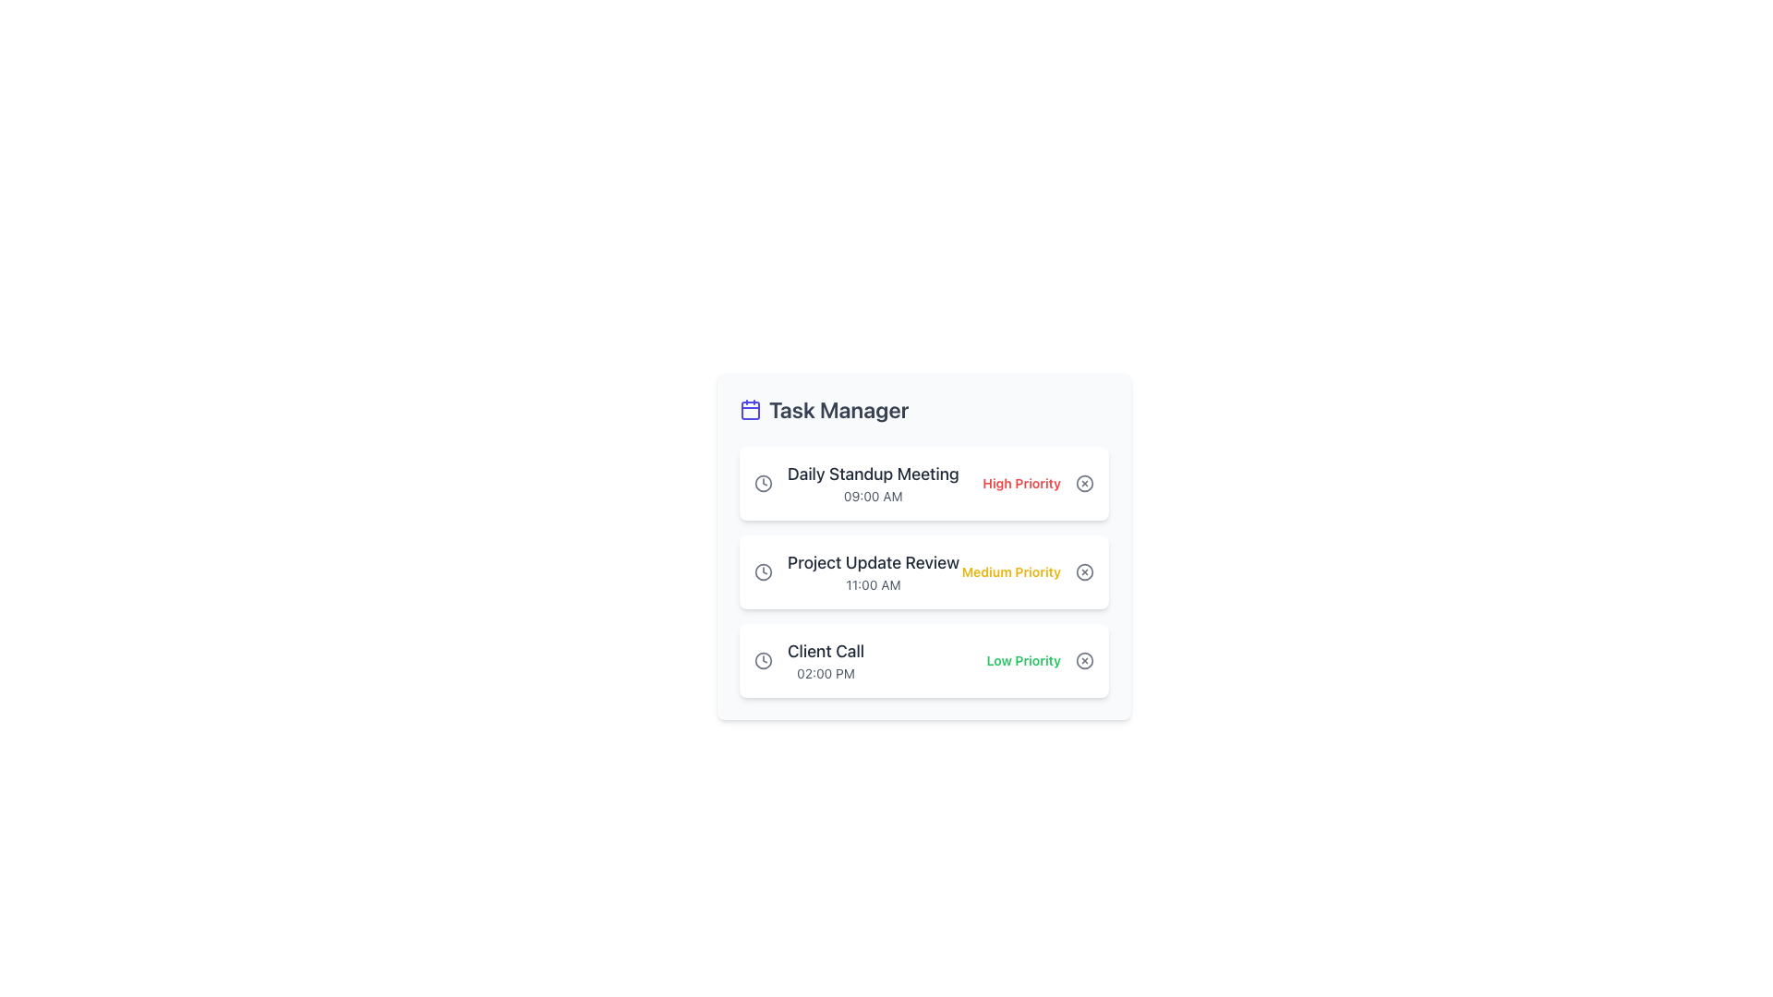  I want to click on the decorative icon component to the left of the 'Task Manager' header, which is the inner square of the calendar icon, so click(750, 409).